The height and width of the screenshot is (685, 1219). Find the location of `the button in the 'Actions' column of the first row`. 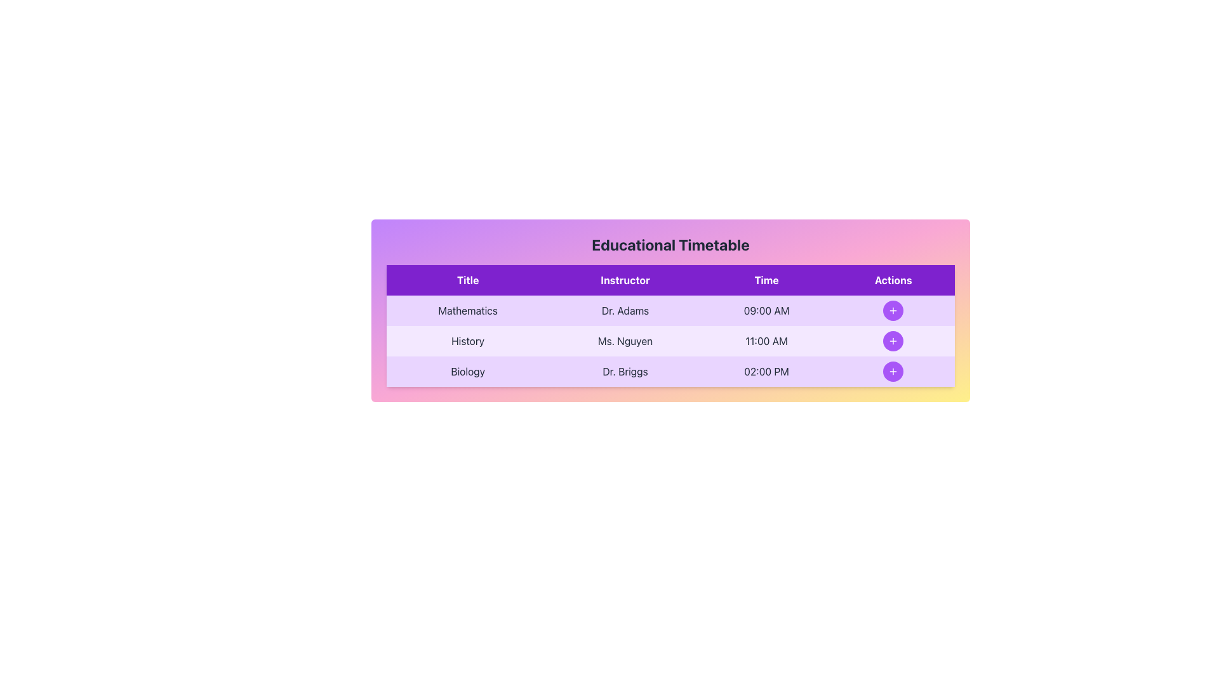

the button in the 'Actions' column of the first row is located at coordinates (893, 310).